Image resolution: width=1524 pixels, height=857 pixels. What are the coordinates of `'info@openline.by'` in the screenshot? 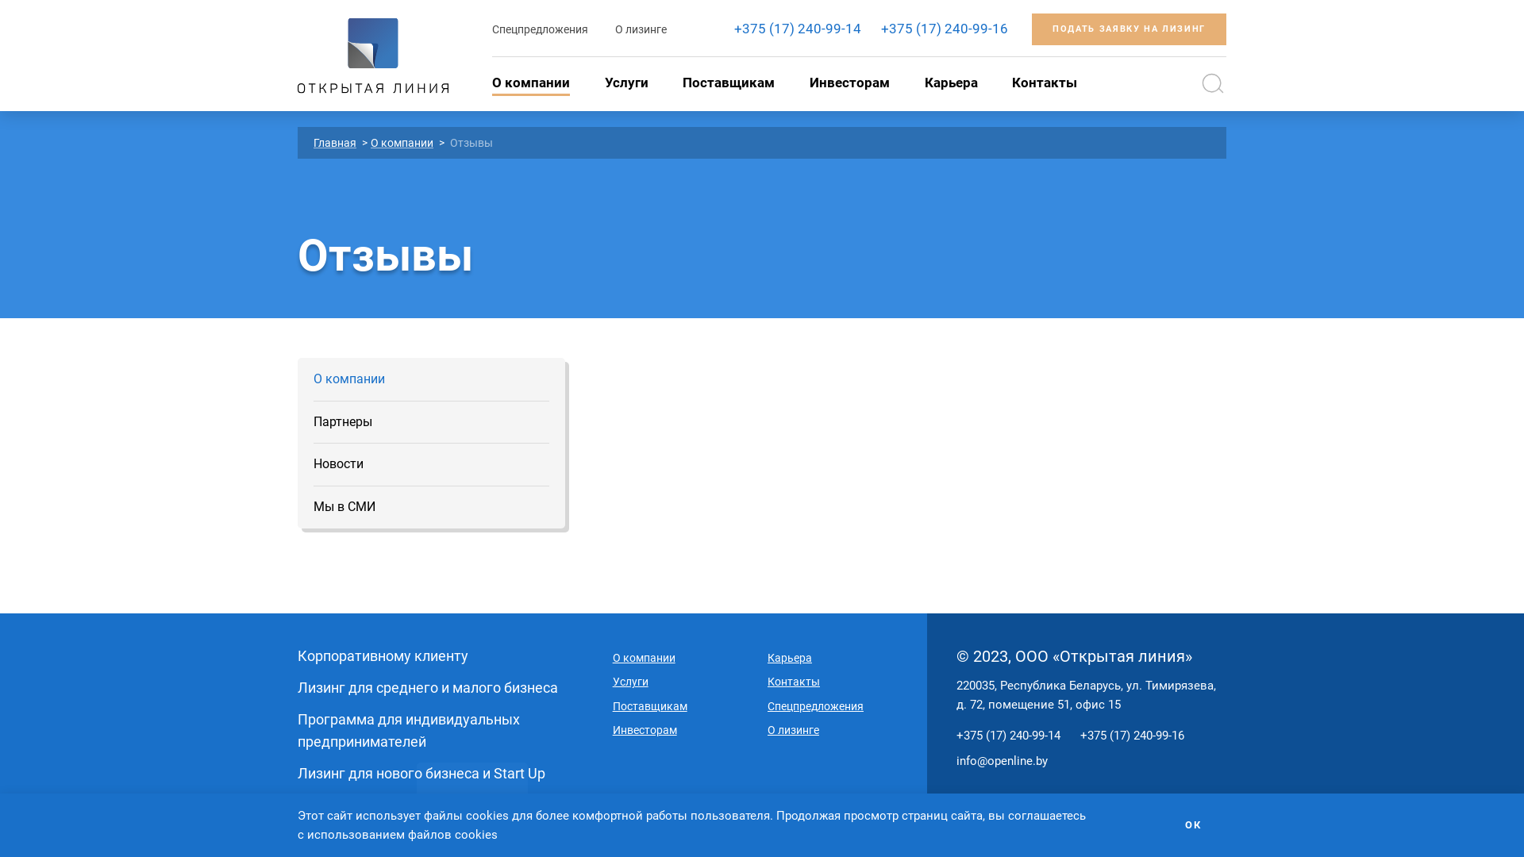 It's located at (955, 760).